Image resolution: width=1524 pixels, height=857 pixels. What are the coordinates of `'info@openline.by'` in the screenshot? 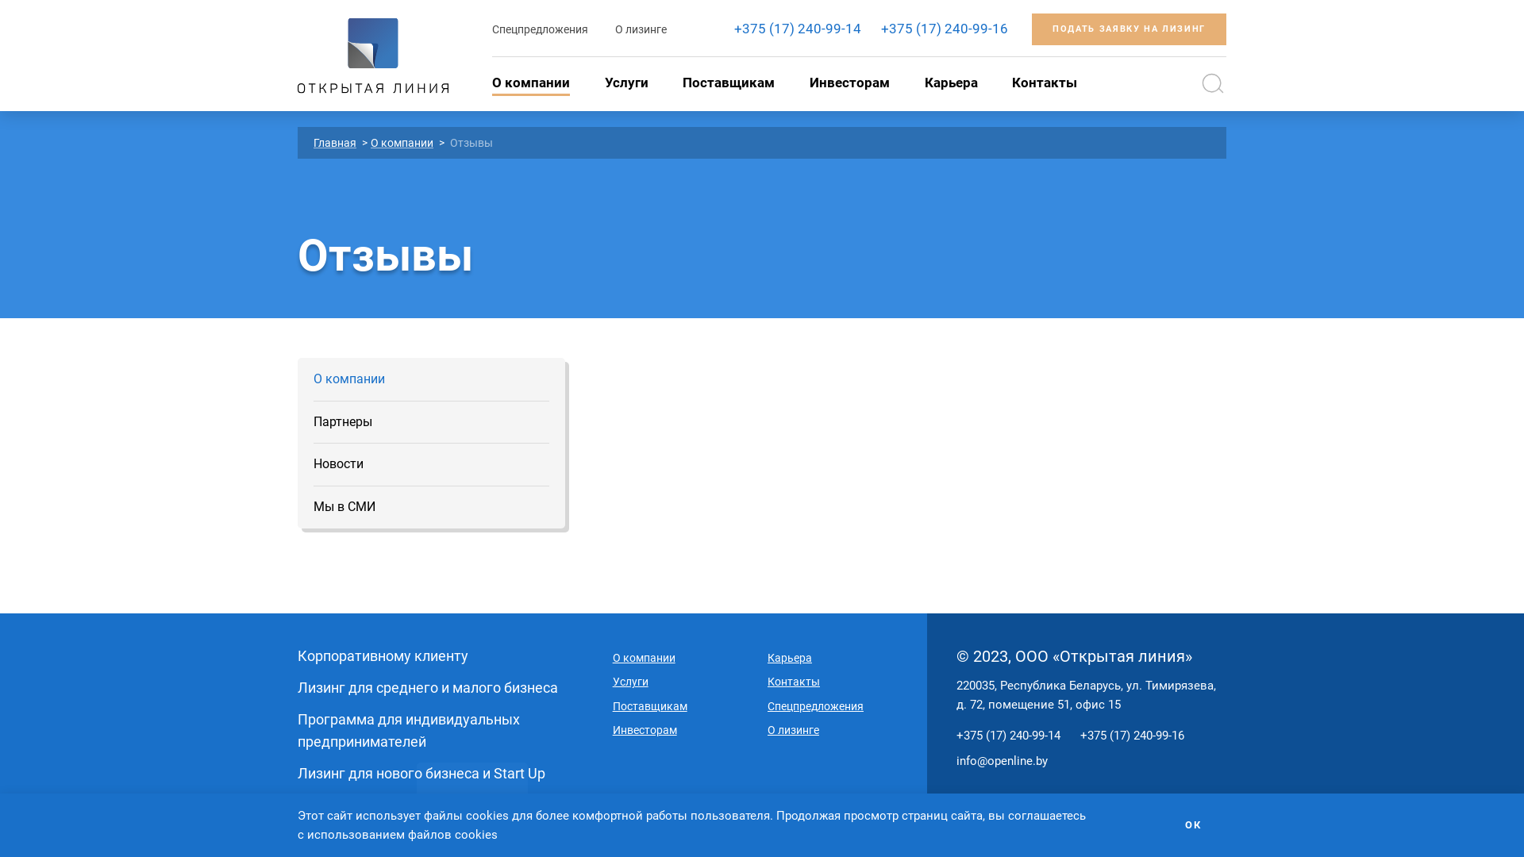 It's located at (955, 760).